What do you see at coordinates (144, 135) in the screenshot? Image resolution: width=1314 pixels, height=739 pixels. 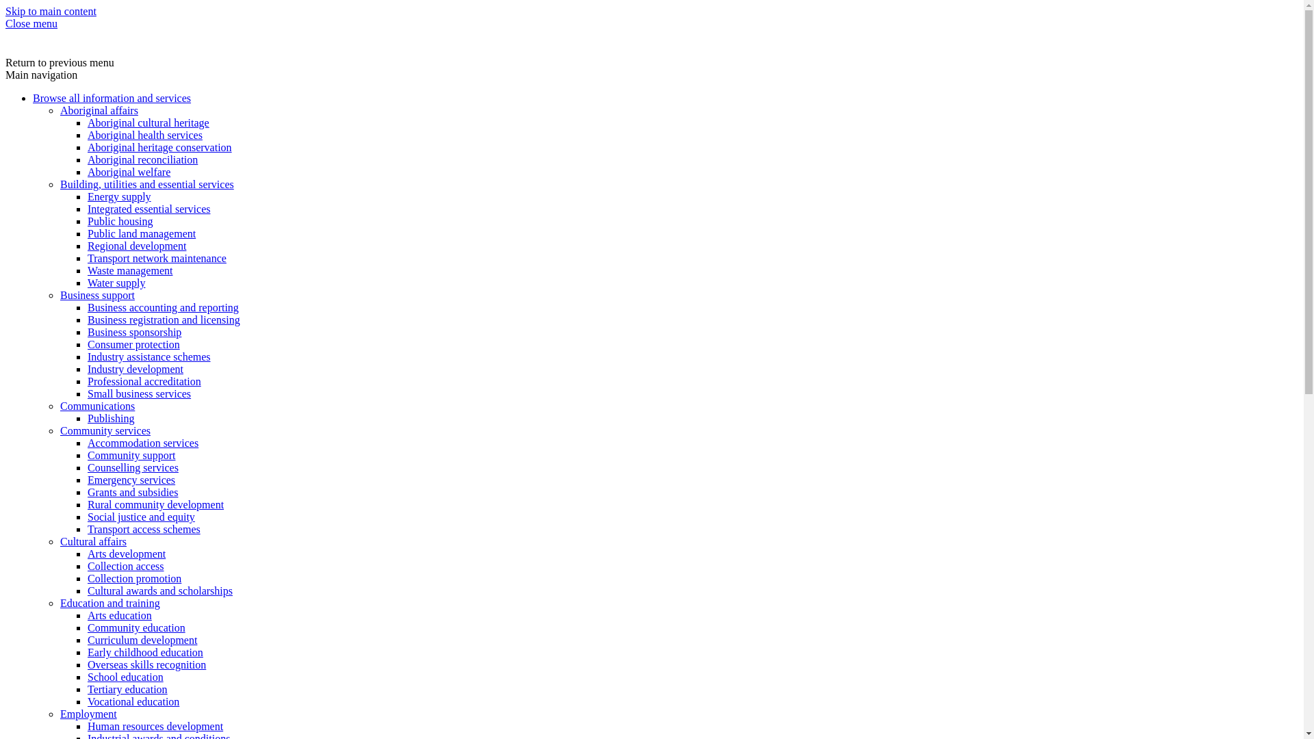 I see `'Aboriginal health services'` at bounding box center [144, 135].